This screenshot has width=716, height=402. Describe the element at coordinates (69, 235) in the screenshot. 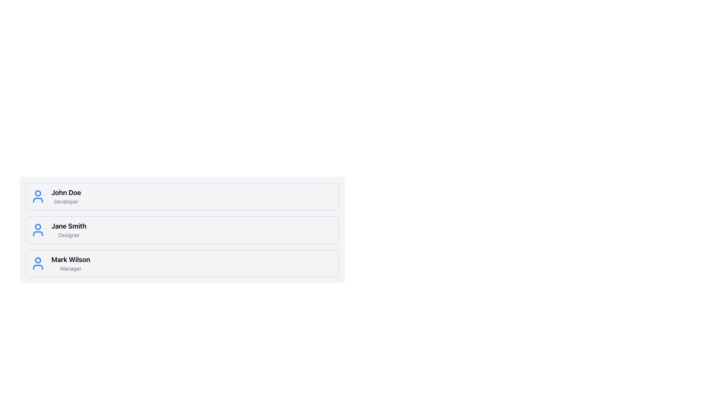

I see `the text label displaying 'Designer', which is styled with a small font size and gray color, located below 'Jane Smith' in a vertically stacked list` at that location.